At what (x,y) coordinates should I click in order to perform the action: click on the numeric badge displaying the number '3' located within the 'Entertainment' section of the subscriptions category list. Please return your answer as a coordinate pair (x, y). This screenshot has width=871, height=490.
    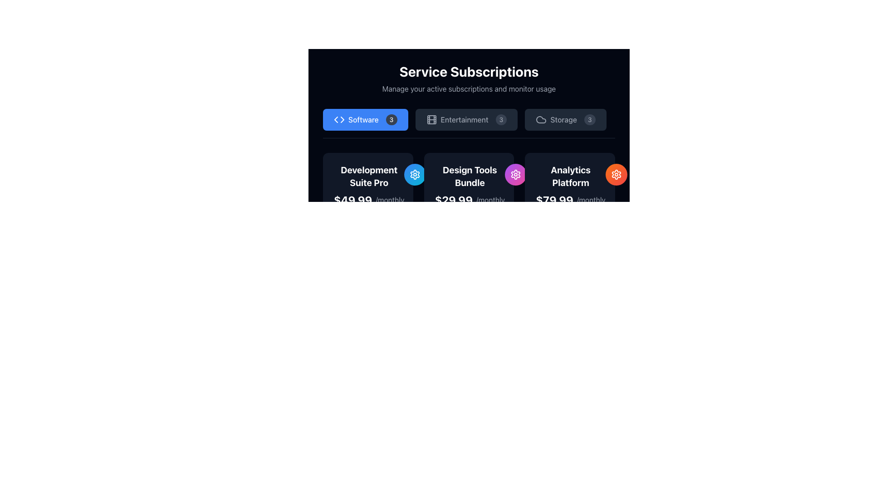
    Looking at the image, I should click on (500, 119).